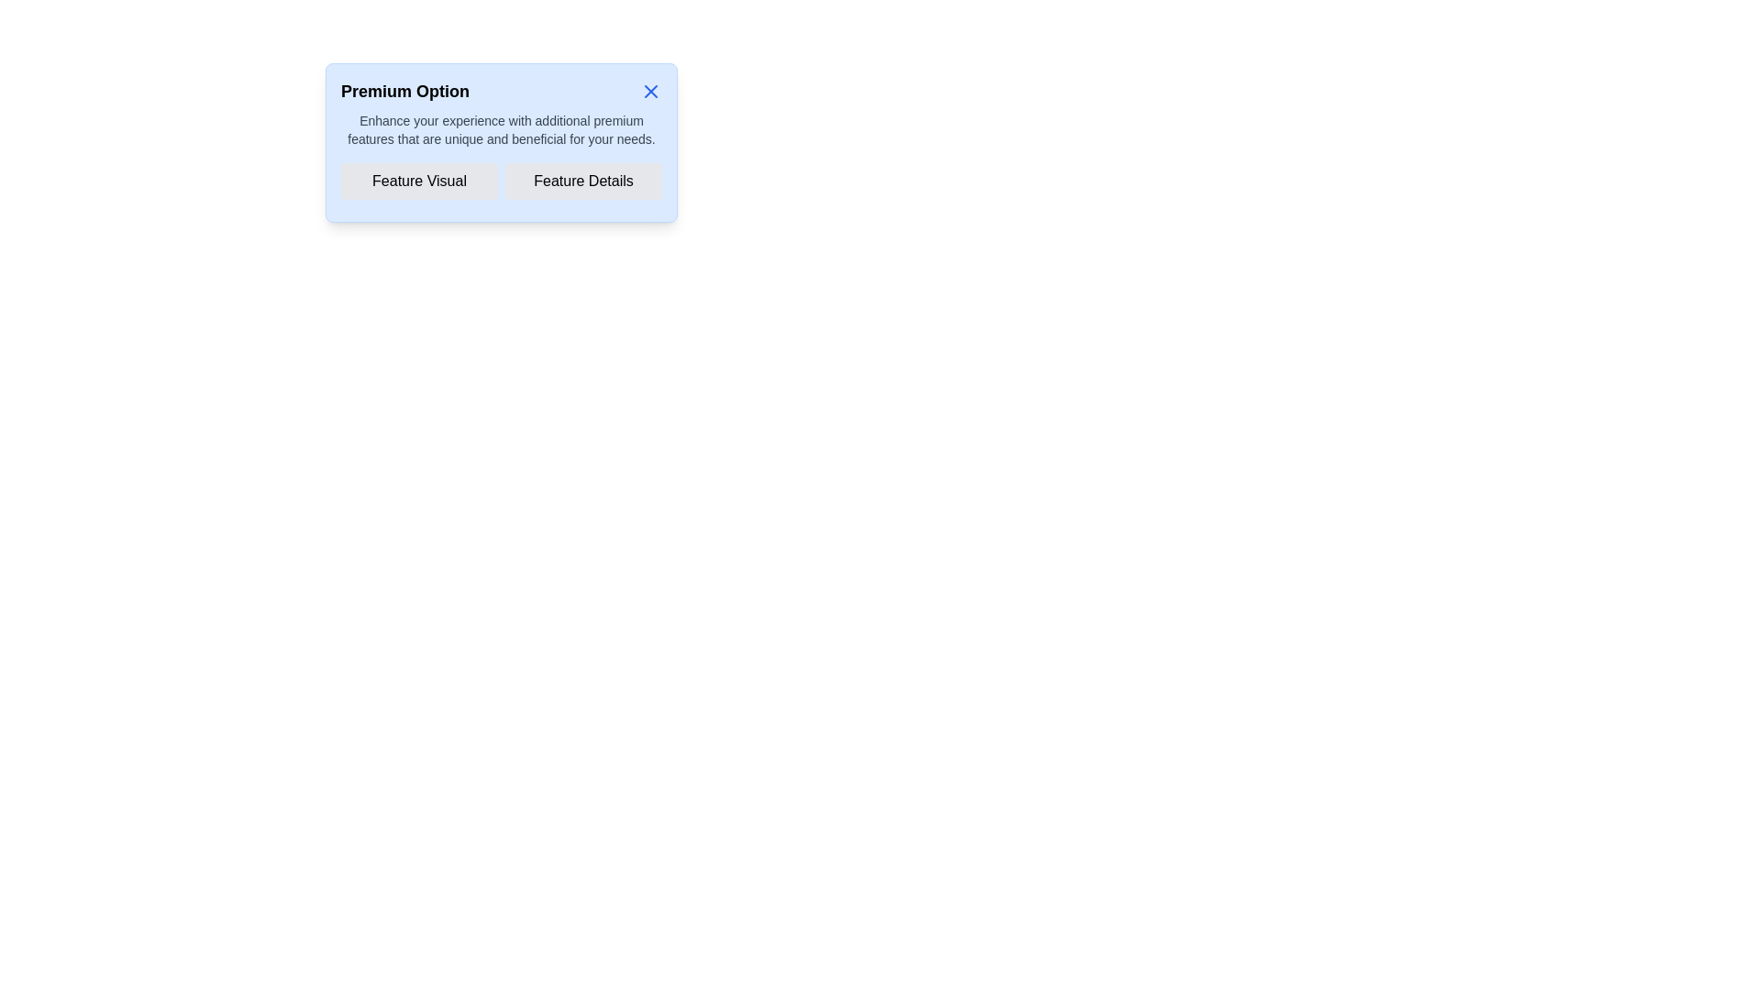 The width and height of the screenshot is (1761, 990). What do you see at coordinates (502, 129) in the screenshot?
I see `the text block containing the message 'Enhance your experience with additional premium features that are unique and beneficial for your needs.'` at bounding box center [502, 129].